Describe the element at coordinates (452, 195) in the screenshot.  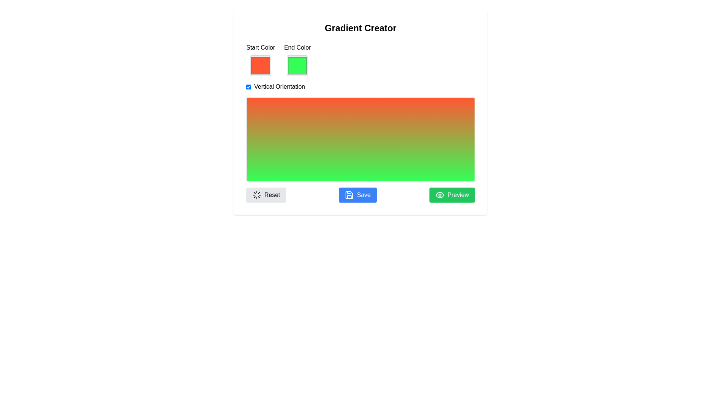
I see `the 'Preview' button located at the far right of the button row to change its background color` at that location.